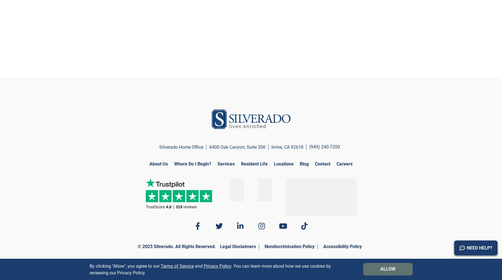 The height and width of the screenshot is (280, 502). Describe the element at coordinates (158, 164) in the screenshot. I see `'About Us'` at that location.